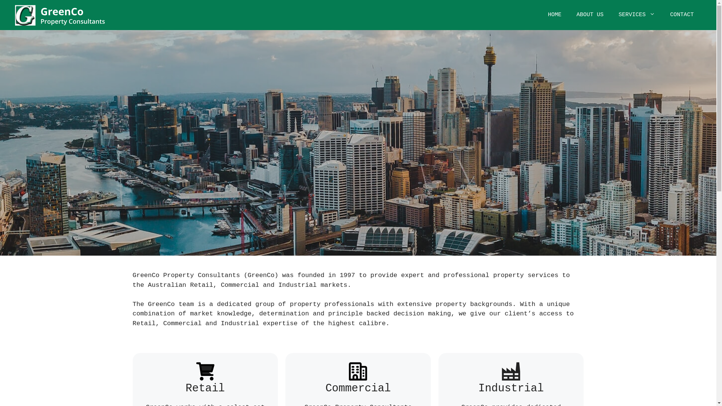 Image resolution: width=722 pixels, height=406 pixels. I want to click on 'ABOUT US', so click(590, 15).